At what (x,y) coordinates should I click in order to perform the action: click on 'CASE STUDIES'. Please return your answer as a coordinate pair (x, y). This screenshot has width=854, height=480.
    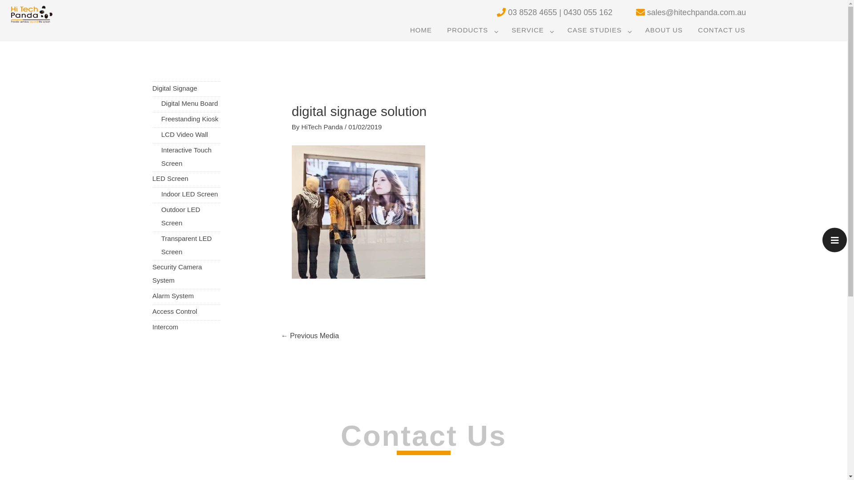
    Looking at the image, I should click on (599, 30).